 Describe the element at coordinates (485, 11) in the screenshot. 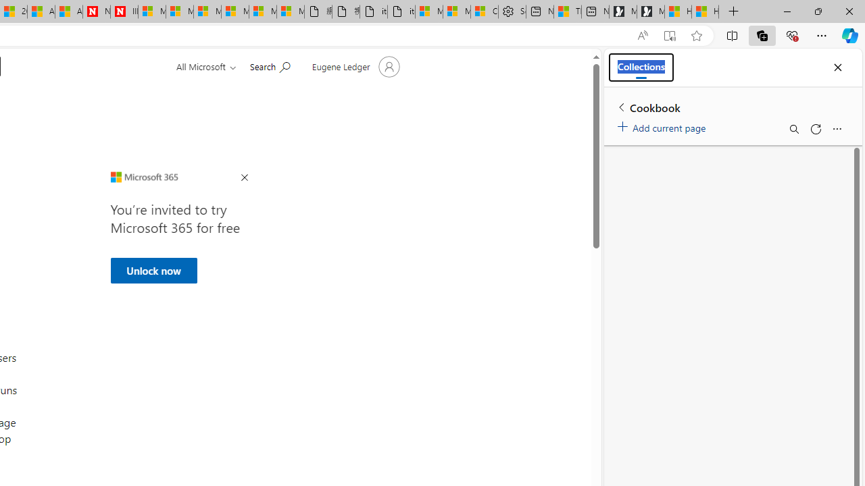

I see `'Consumer Health Data Privacy Policy'` at that location.